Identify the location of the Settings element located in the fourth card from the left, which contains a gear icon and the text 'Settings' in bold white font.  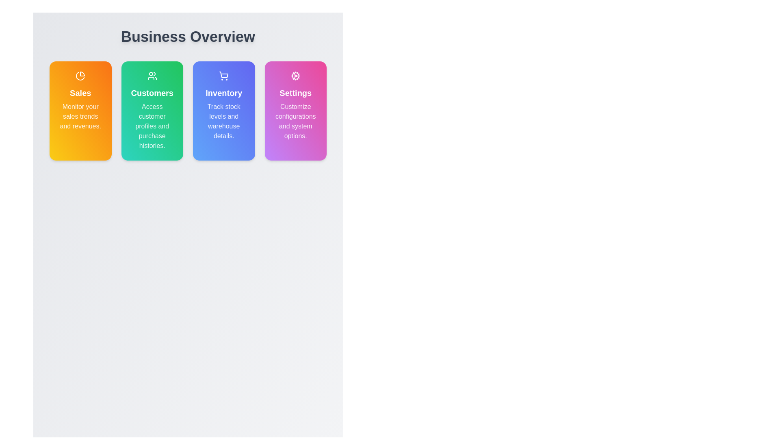
(295, 106).